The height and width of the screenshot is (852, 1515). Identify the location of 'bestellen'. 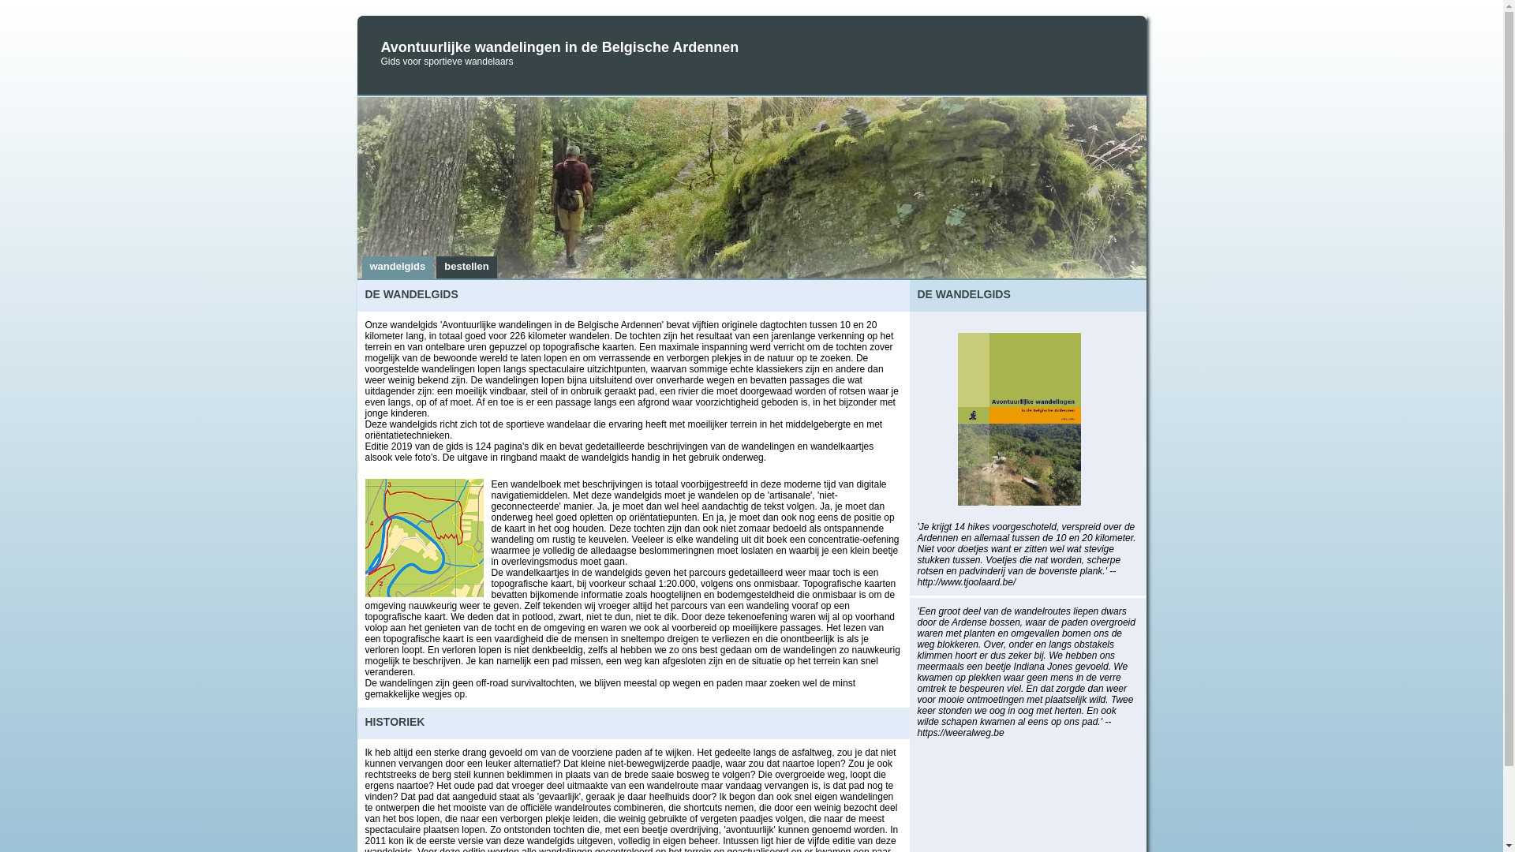
(465, 267).